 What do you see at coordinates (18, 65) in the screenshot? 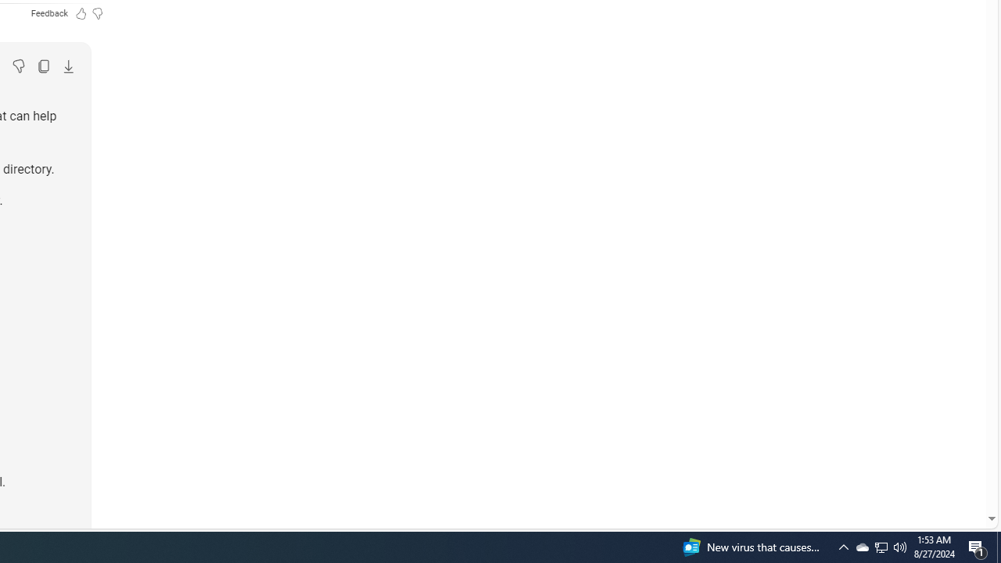
I see `'Dislike'` at bounding box center [18, 65].